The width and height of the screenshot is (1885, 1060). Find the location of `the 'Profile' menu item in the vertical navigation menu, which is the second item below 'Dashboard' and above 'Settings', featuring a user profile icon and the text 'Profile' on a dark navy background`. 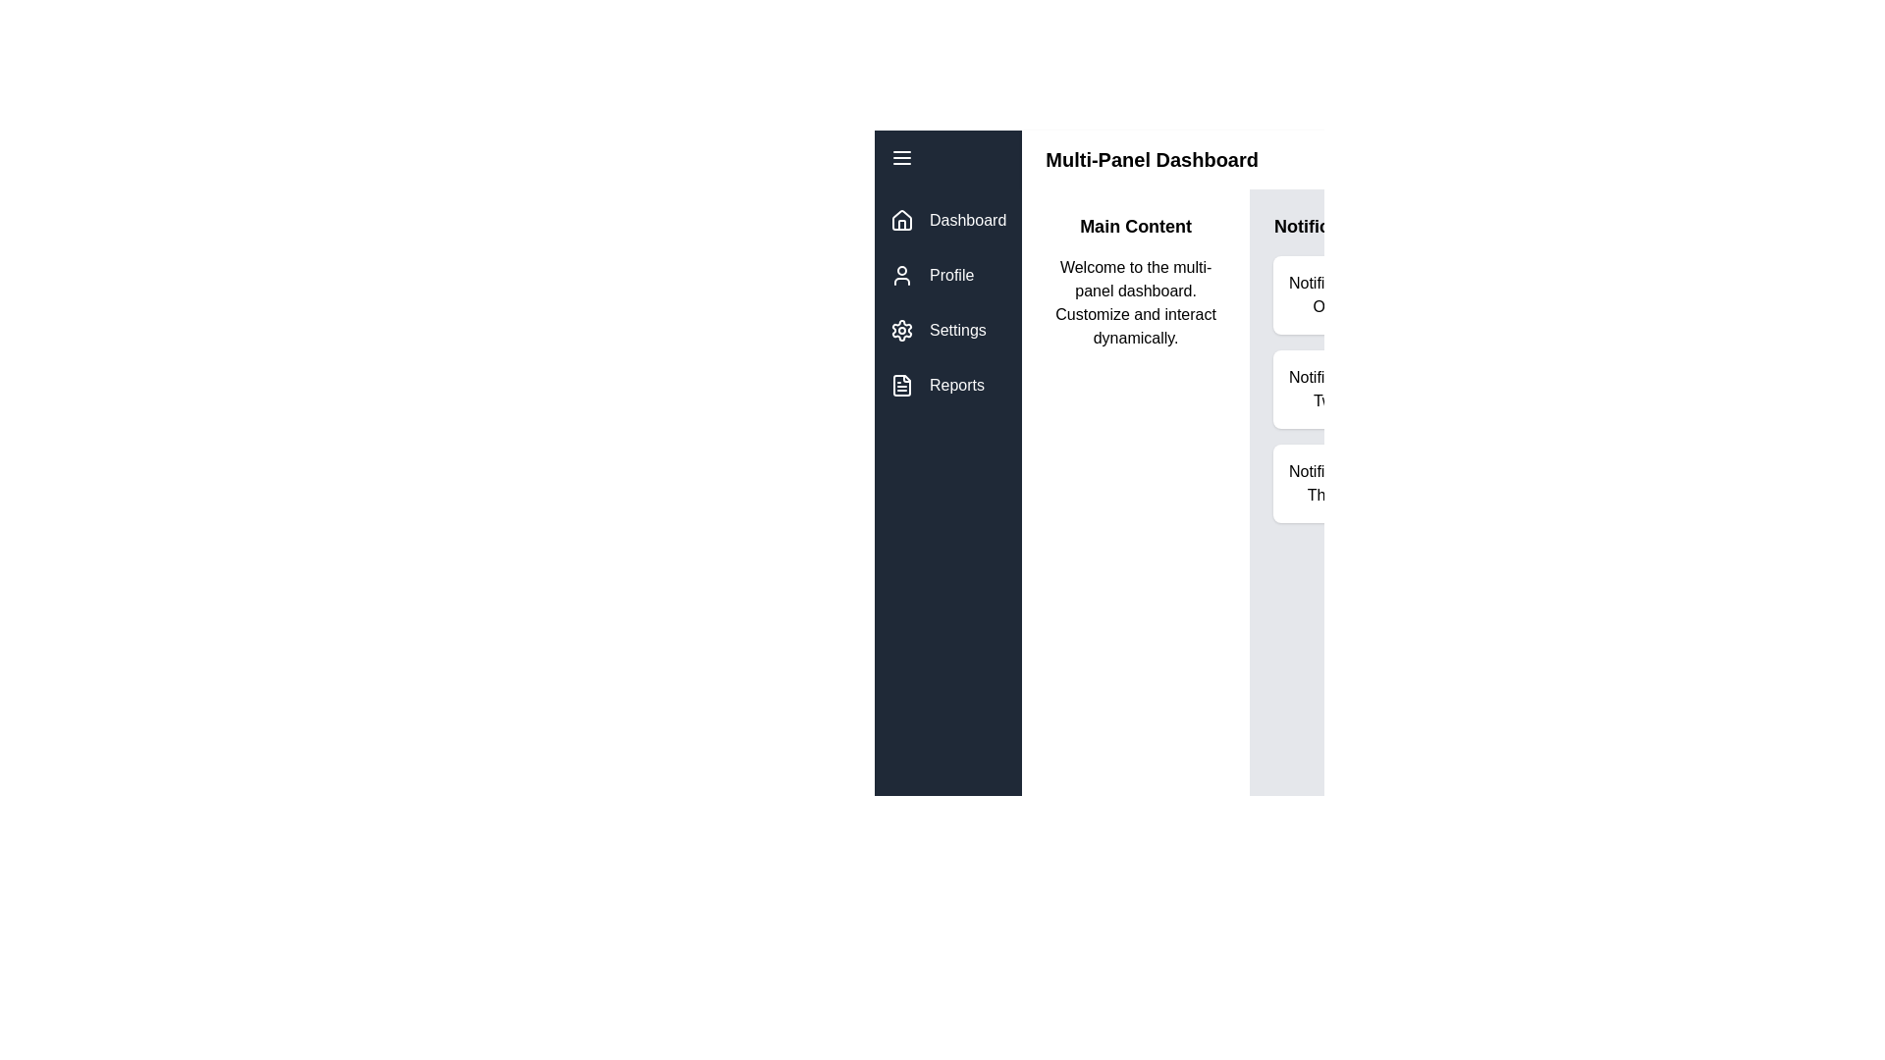

the 'Profile' menu item in the vertical navigation menu, which is the second item below 'Dashboard' and above 'Settings', featuring a user profile icon and the text 'Profile' on a dark navy background is located at coordinates (948, 276).